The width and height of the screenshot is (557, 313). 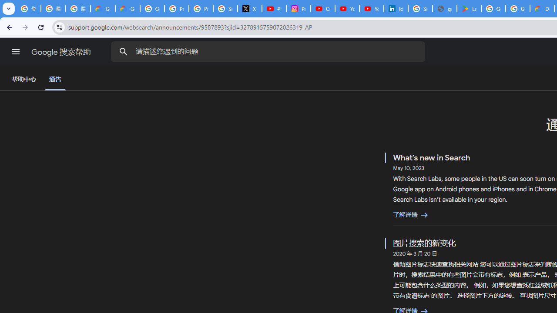 What do you see at coordinates (371, 9) in the screenshot?
I see `'YouTube Culture & Trends - YouTube Top 10, 2021'` at bounding box center [371, 9].